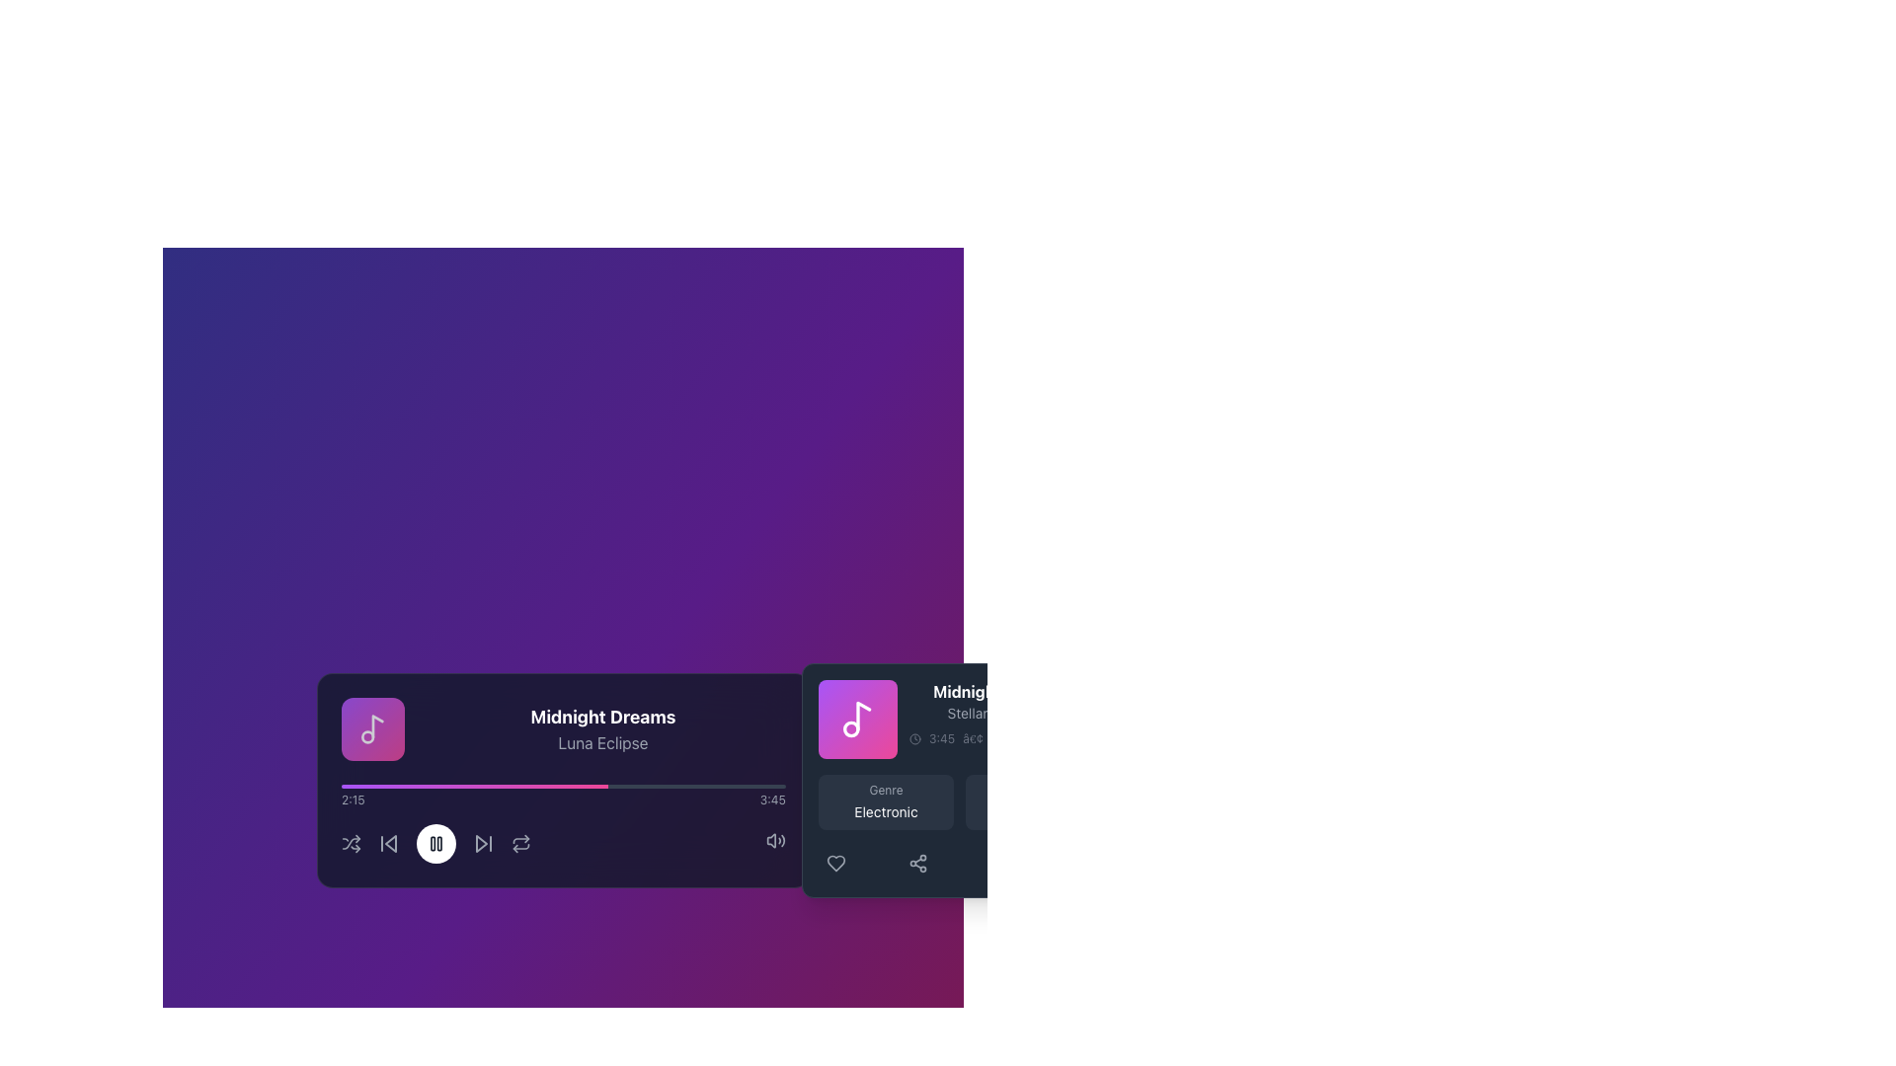 The image size is (1896, 1066). I want to click on the decorative circular element of the music note icon located at the bottom-left of the player interface, so click(367, 737).